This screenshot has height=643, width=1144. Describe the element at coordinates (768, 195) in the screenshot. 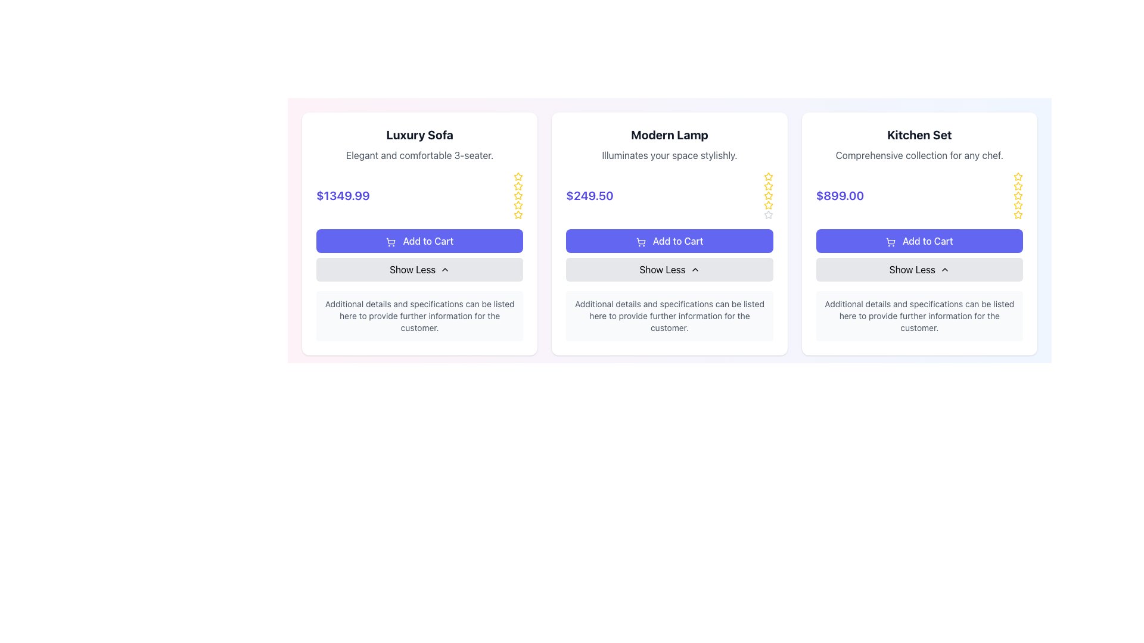

I see `the fifth star in the rating row located to the right of the product title 'Modern Lamp' in the central card of the interface` at that location.